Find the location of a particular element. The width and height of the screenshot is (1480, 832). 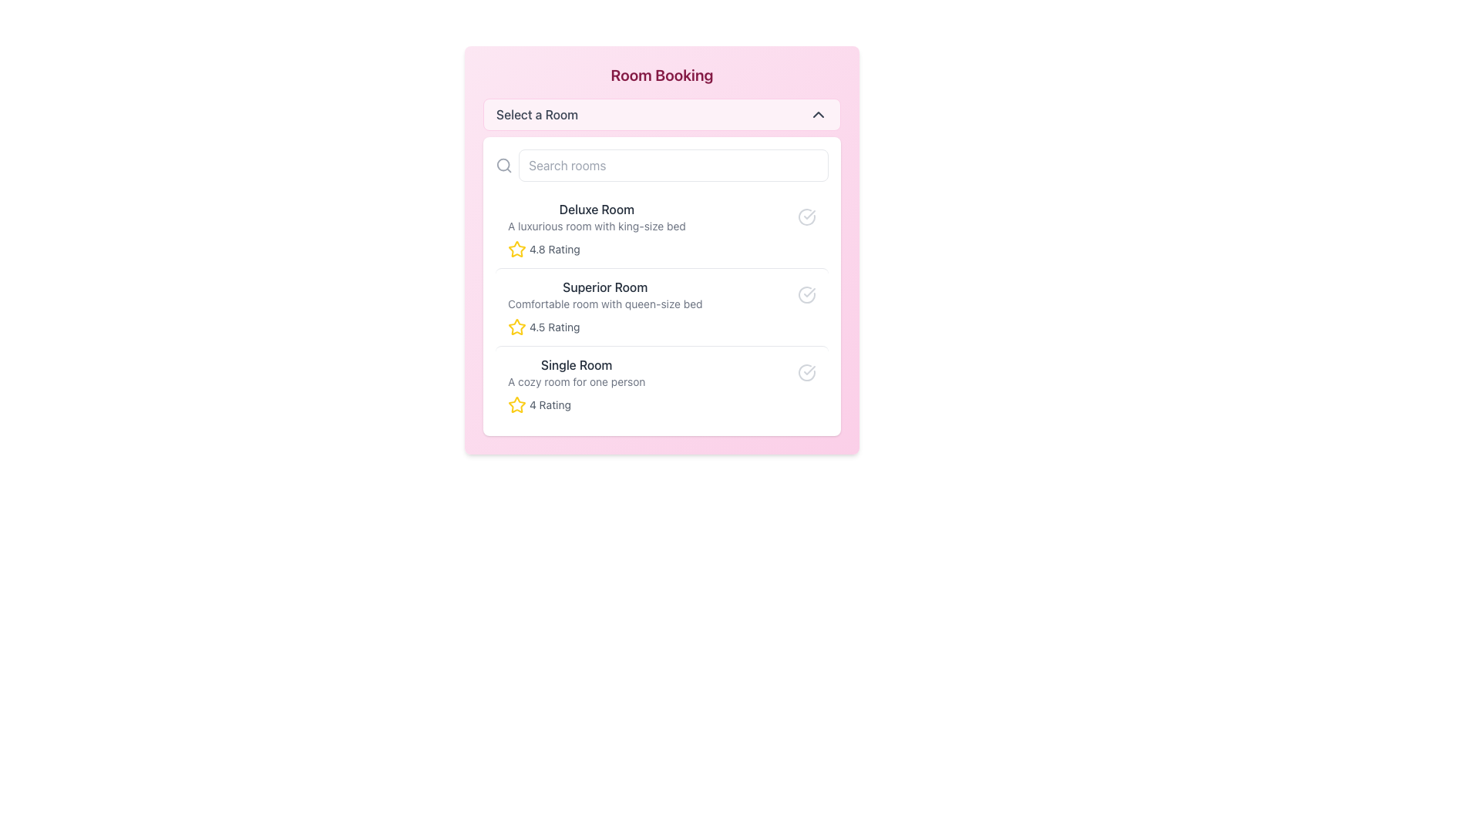

the 'Superior Room' card component in the 'Room Booking' dialog, which features a white background, rounded corners, and displays the room name, description, and rating is located at coordinates (662, 306).